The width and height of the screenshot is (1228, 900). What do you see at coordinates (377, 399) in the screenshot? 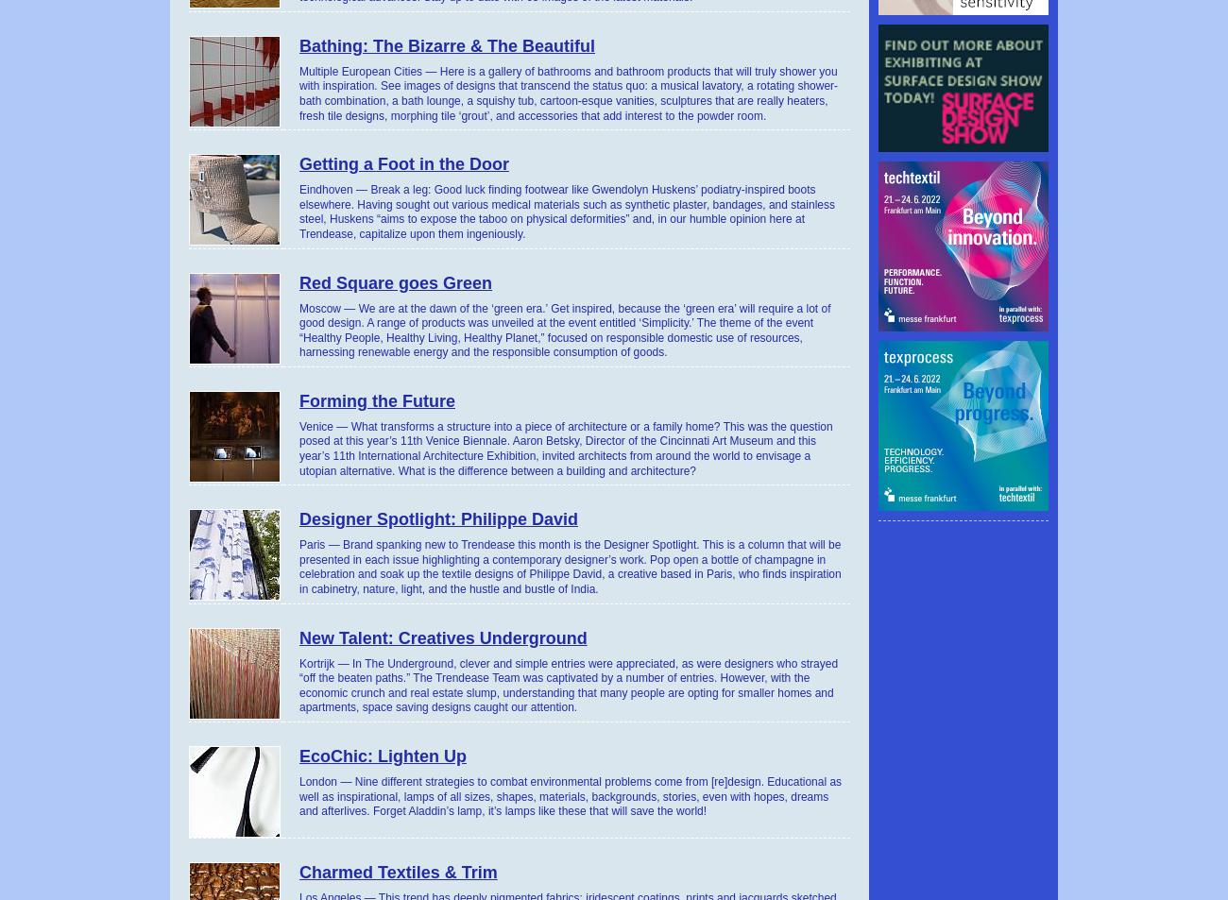
I see `'Forming the Future'` at bounding box center [377, 399].